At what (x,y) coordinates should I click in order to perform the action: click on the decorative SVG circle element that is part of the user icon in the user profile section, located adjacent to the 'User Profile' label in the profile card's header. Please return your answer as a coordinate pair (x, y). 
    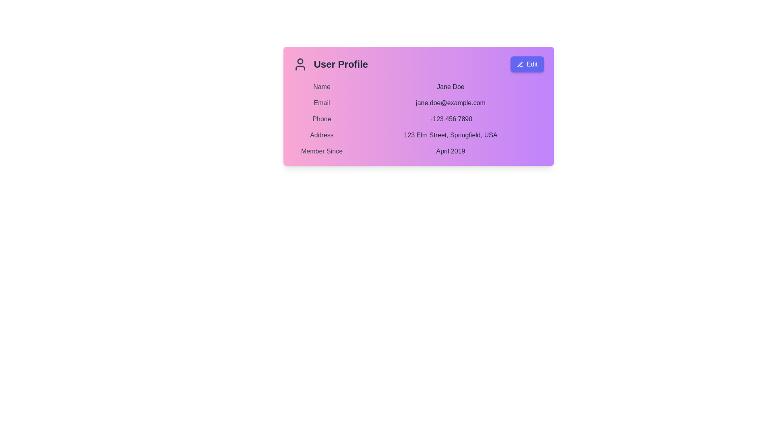
    Looking at the image, I should click on (300, 61).